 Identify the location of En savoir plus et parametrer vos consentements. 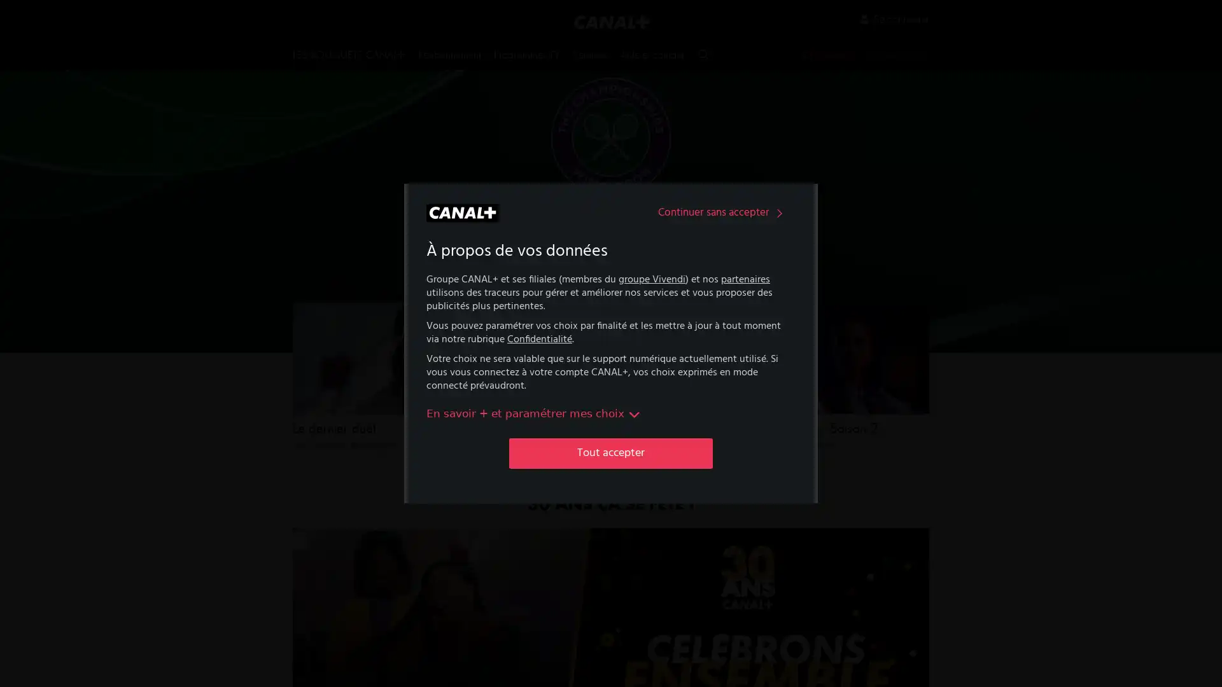
(535, 413).